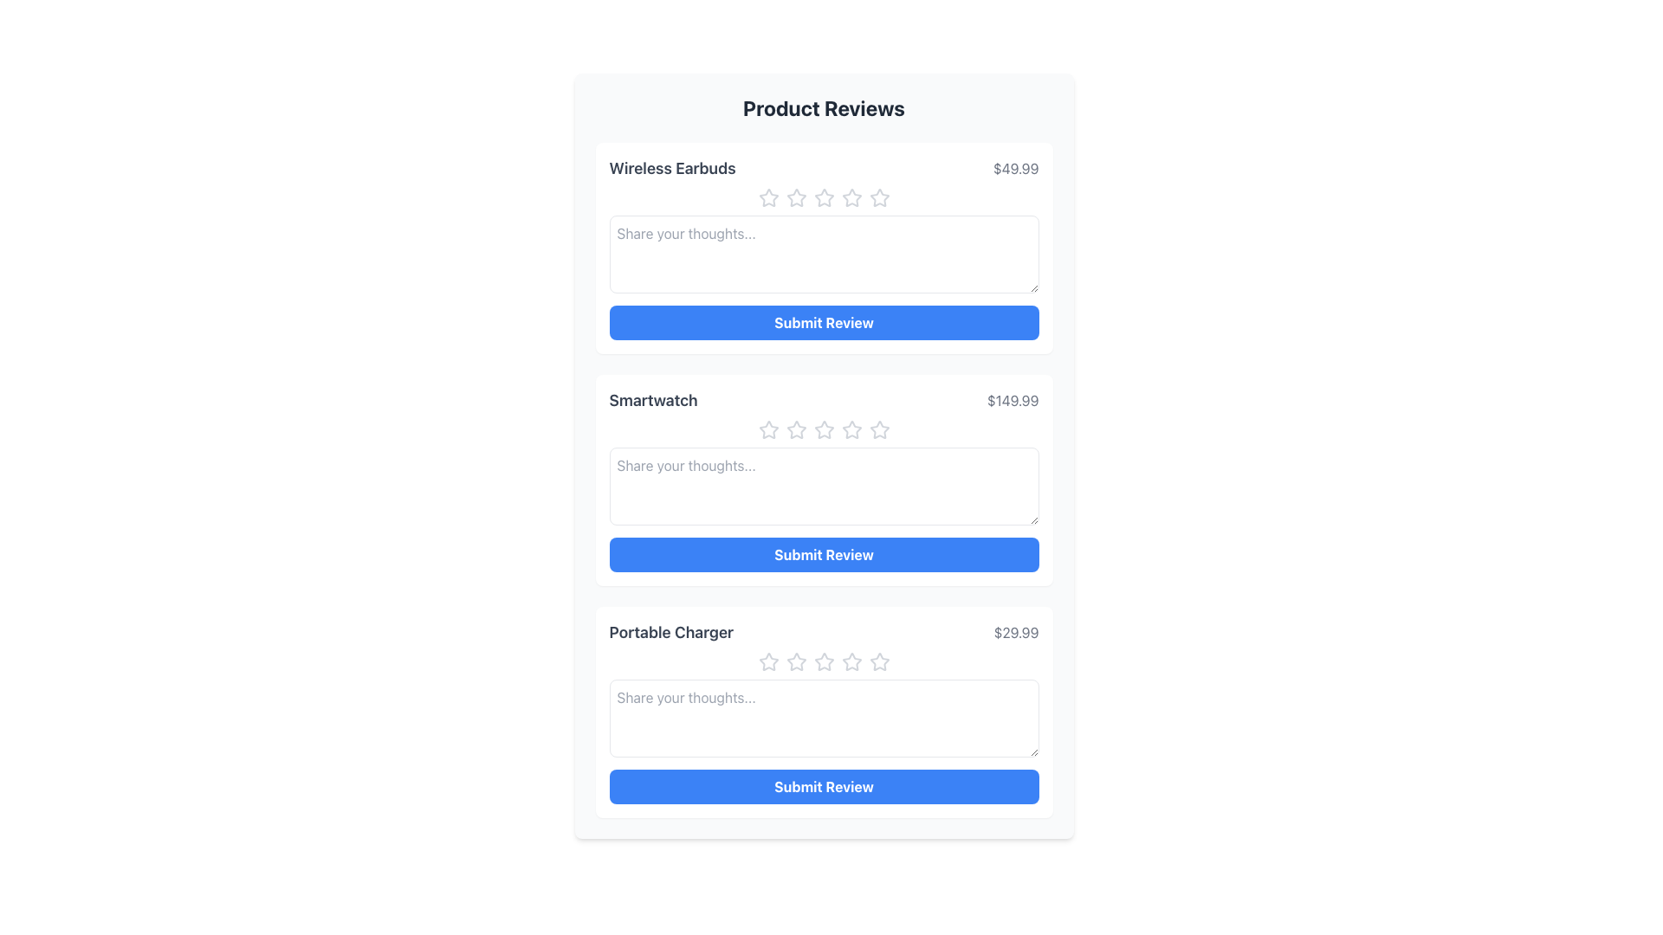  Describe the element at coordinates (823, 197) in the screenshot. I see `the second star icon in the rating section located under the product title 'Wireless Earbuds'` at that location.